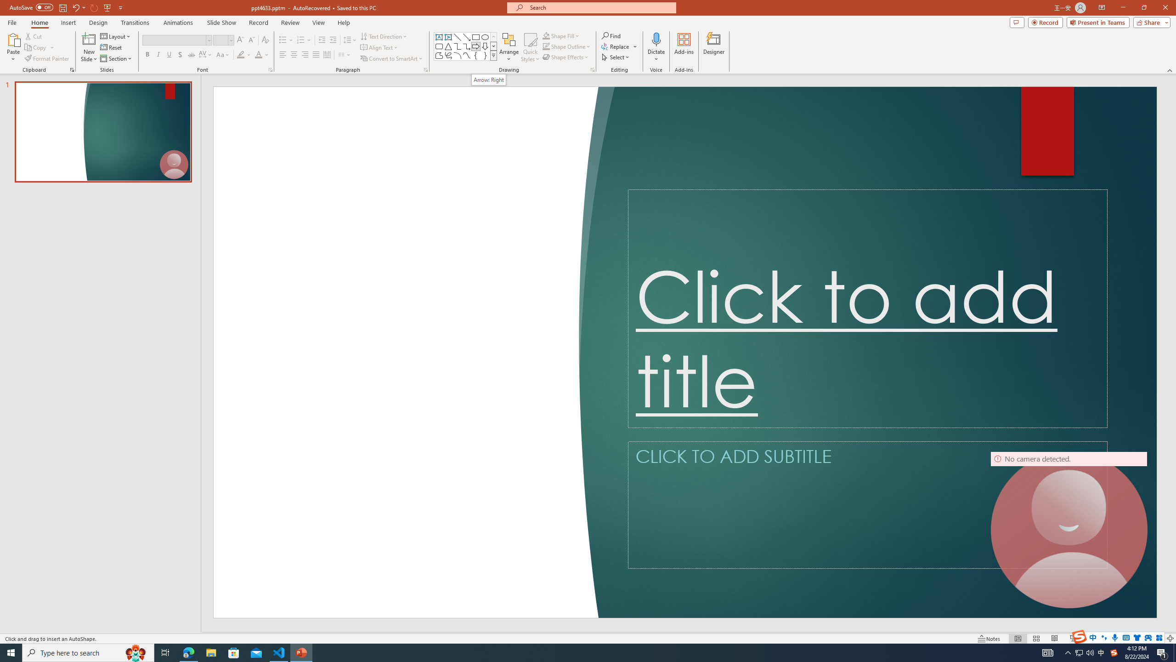 The height and width of the screenshot is (662, 1176). Describe the element at coordinates (447, 37) in the screenshot. I see `'Vertical Text Box'` at that location.